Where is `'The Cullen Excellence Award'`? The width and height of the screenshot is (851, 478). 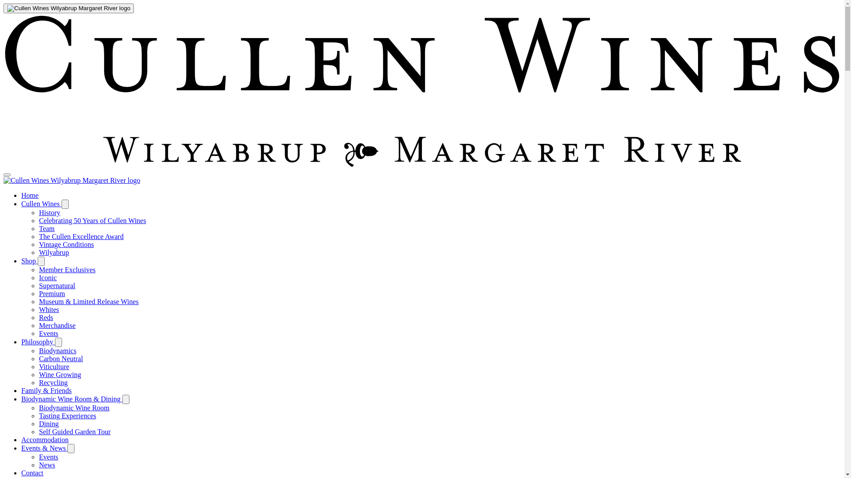 'The Cullen Excellence Award' is located at coordinates (81, 236).